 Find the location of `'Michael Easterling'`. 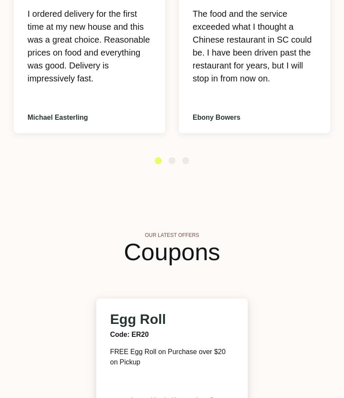

'Michael Easterling' is located at coordinates (58, 117).